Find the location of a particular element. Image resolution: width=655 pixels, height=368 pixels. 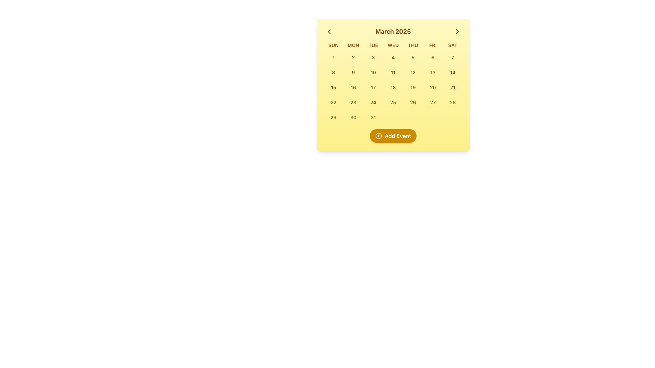

the Text Label displaying the number '8' within the highlighted date cell of the calendar for March 2025 is located at coordinates (333, 72).